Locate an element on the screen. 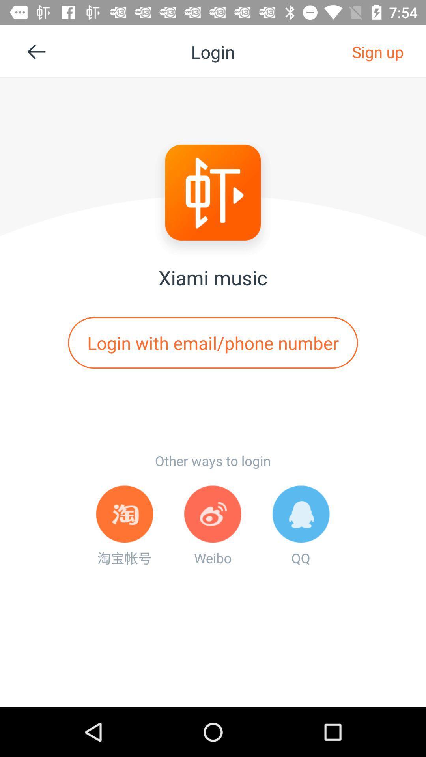 This screenshot has width=426, height=757. item to the right of weibo is located at coordinates (301, 526).